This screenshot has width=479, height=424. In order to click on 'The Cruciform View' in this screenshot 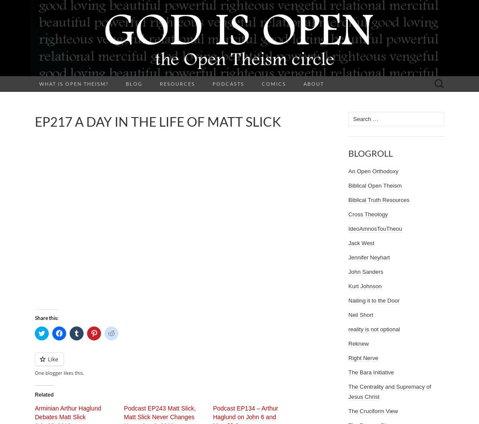, I will do `click(348, 411)`.